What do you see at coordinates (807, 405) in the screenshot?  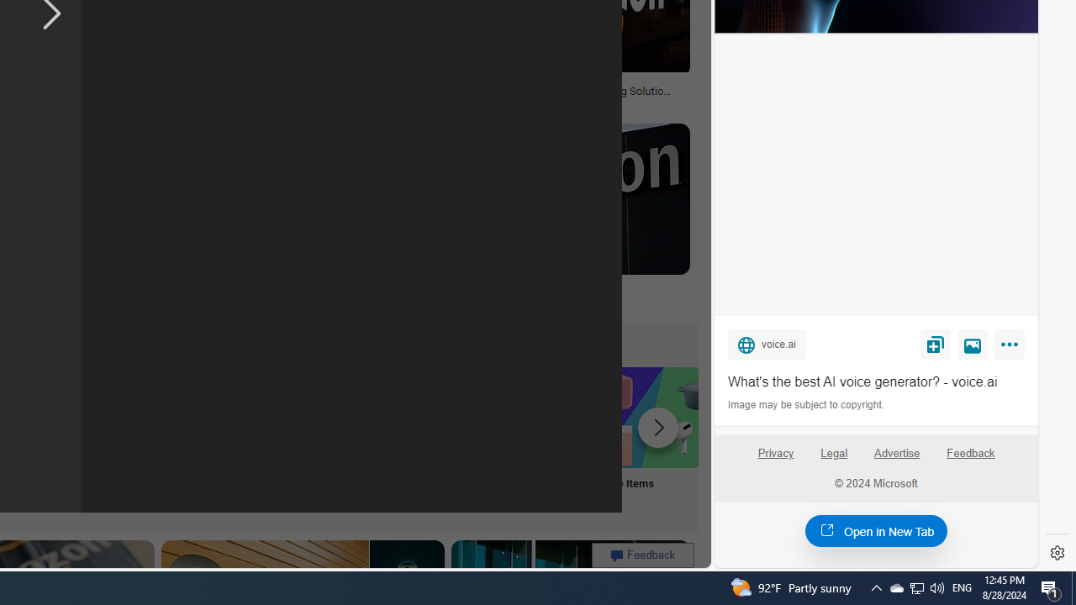 I see `'Image may be subject to copyright.'` at bounding box center [807, 405].